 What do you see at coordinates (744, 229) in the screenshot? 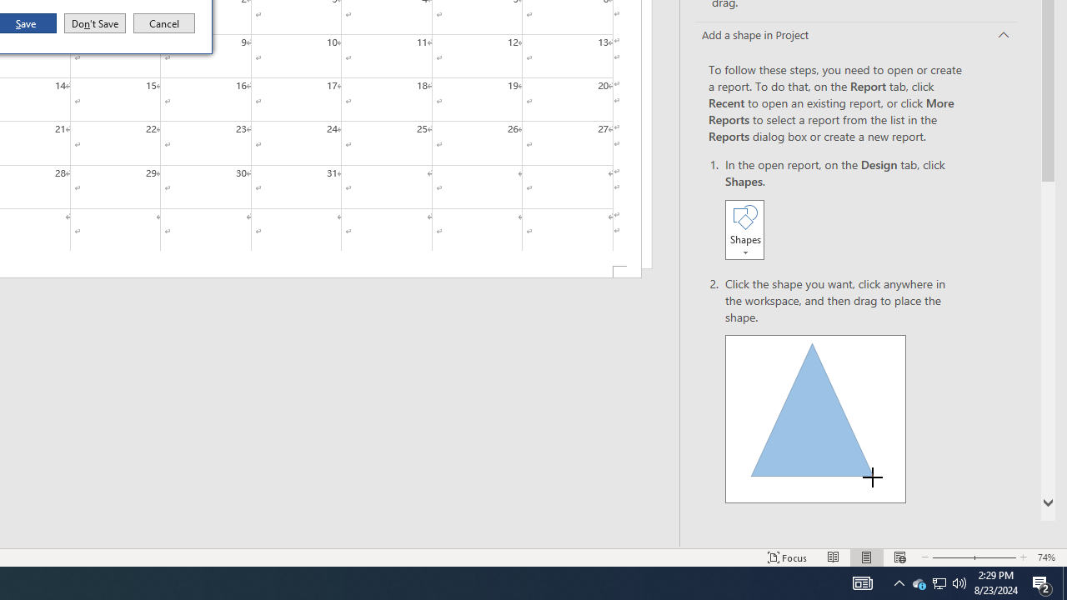
I see `'Insert Shapes button'` at bounding box center [744, 229].